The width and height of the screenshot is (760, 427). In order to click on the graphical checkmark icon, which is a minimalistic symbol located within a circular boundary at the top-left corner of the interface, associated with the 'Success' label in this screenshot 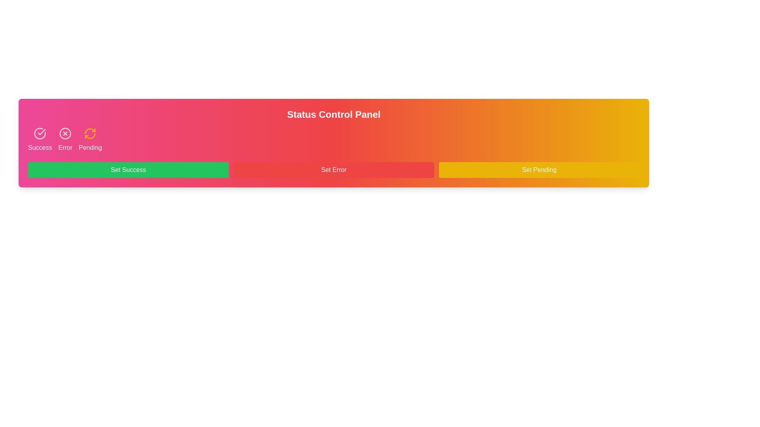, I will do `click(41, 132)`.